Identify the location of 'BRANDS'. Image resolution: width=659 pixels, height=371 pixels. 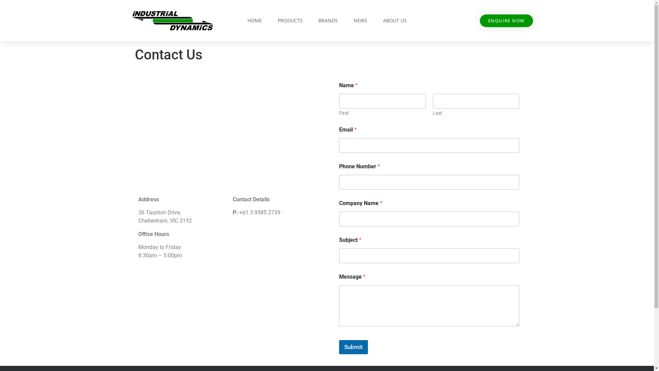
(311, 20).